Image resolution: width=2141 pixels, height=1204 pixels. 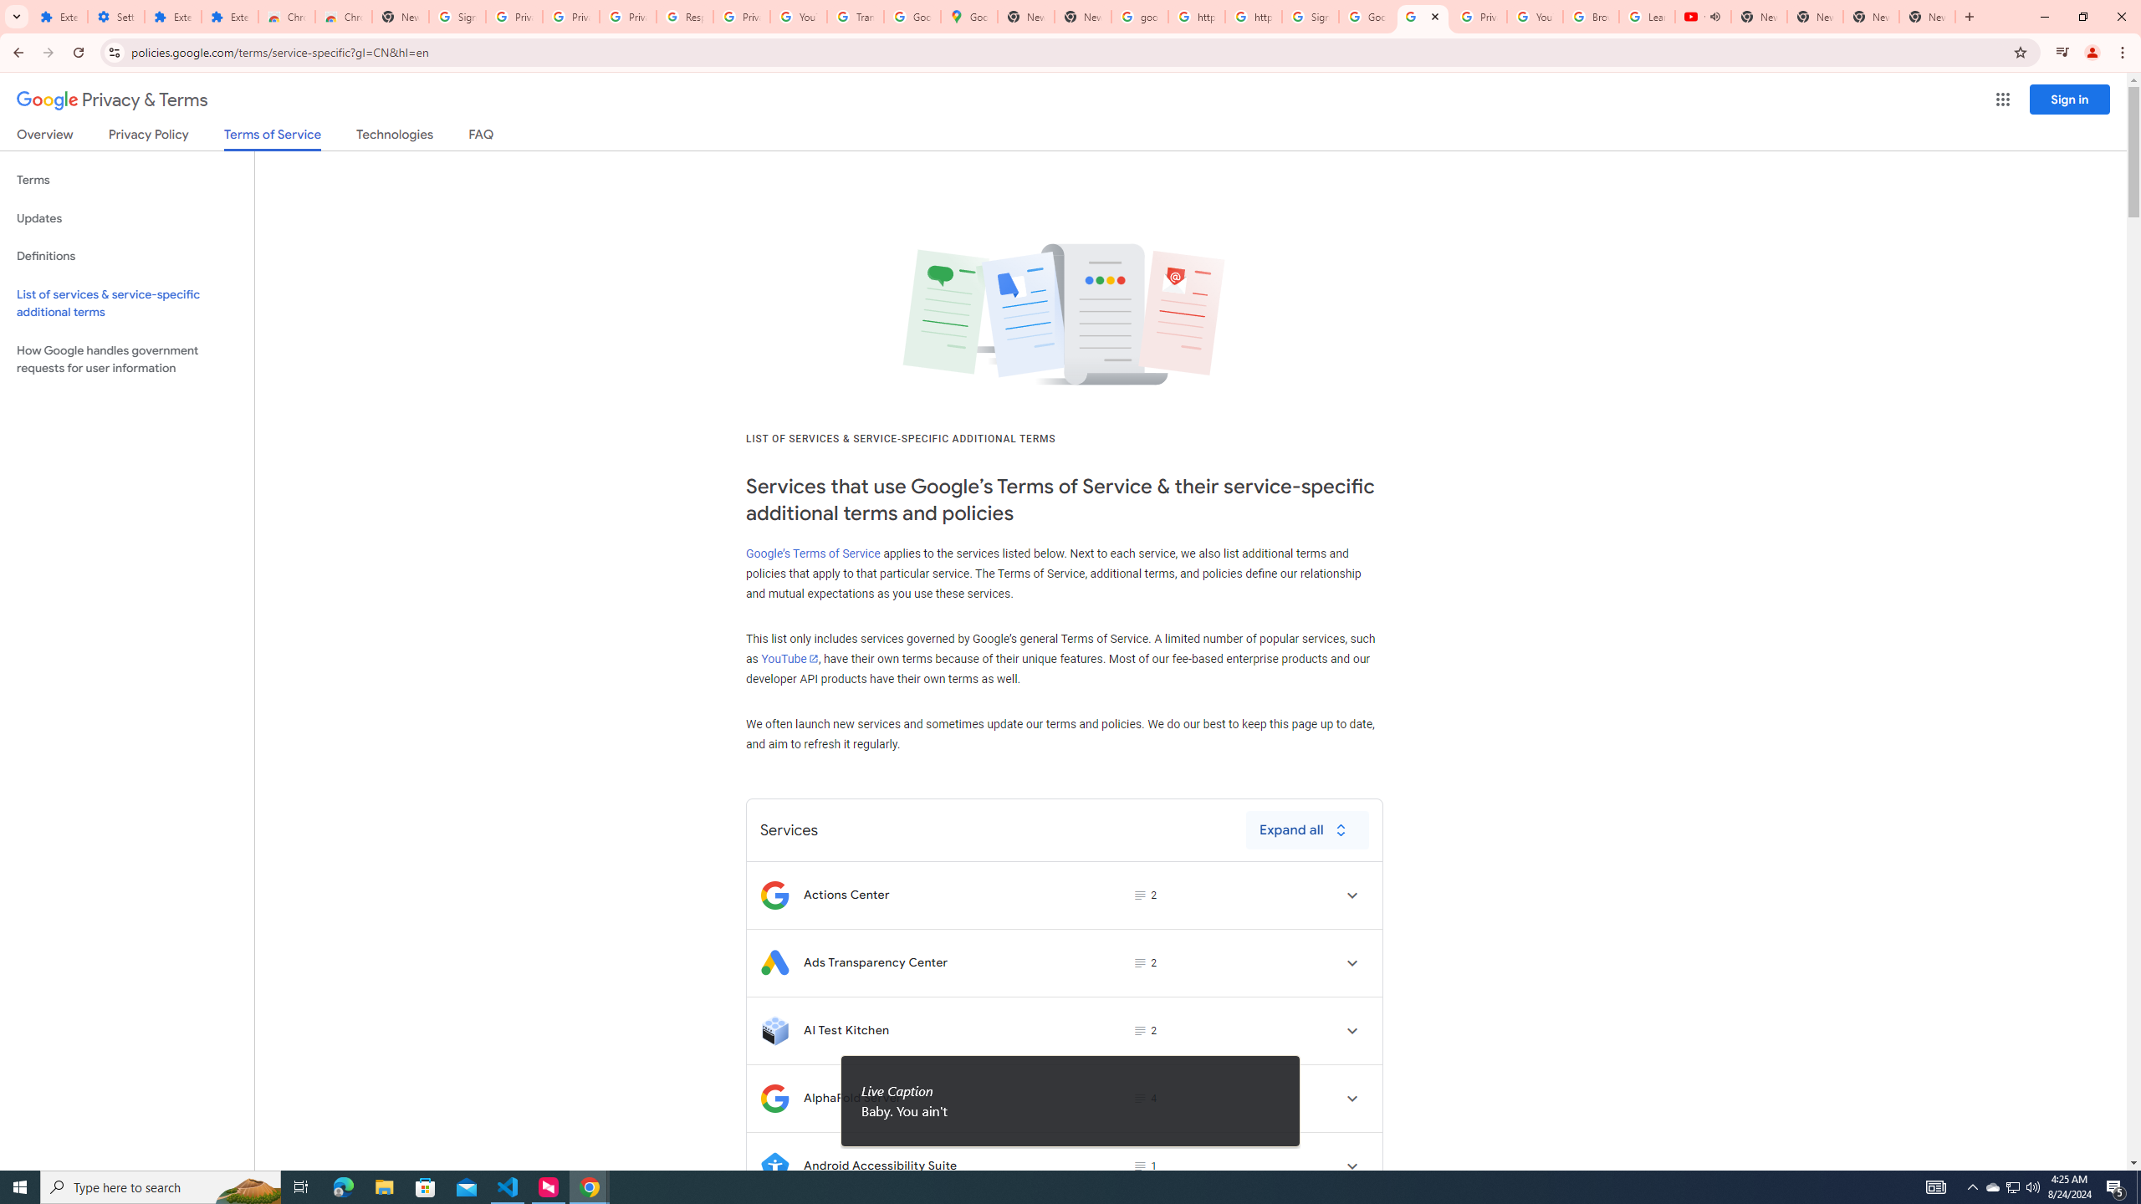 What do you see at coordinates (1252, 16) in the screenshot?
I see `'https://scholar.google.com/'` at bounding box center [1252, 16].